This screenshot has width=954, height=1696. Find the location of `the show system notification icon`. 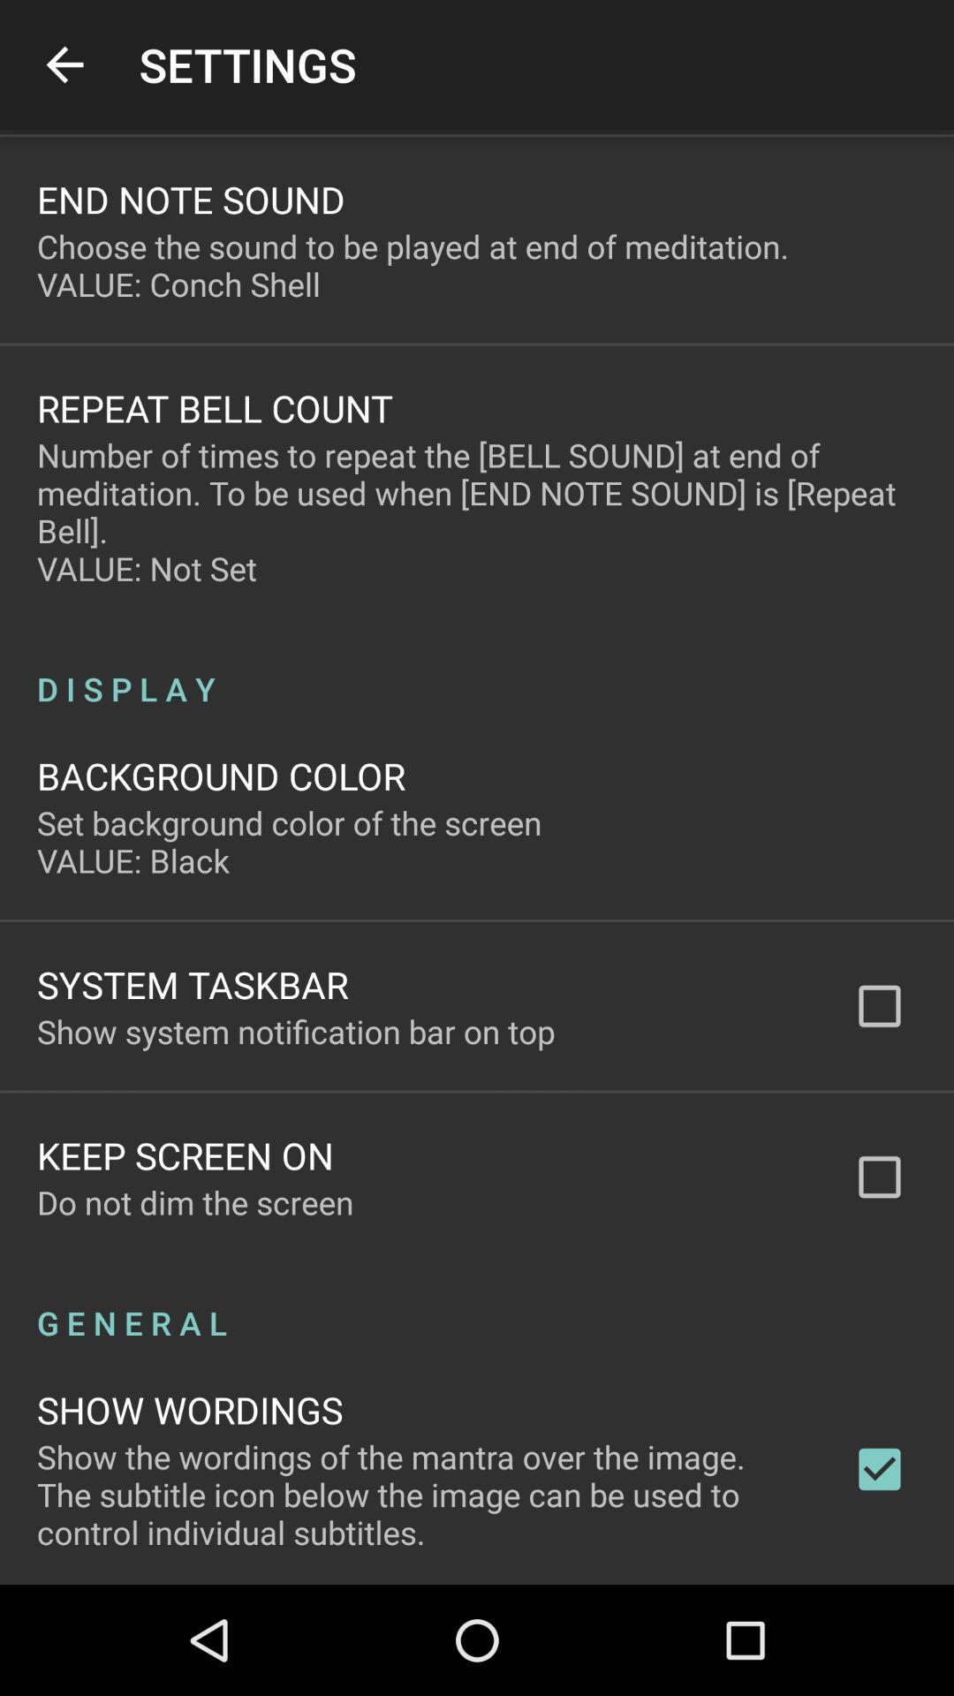

the show system notification icon is located at coordinates (295, 1031).